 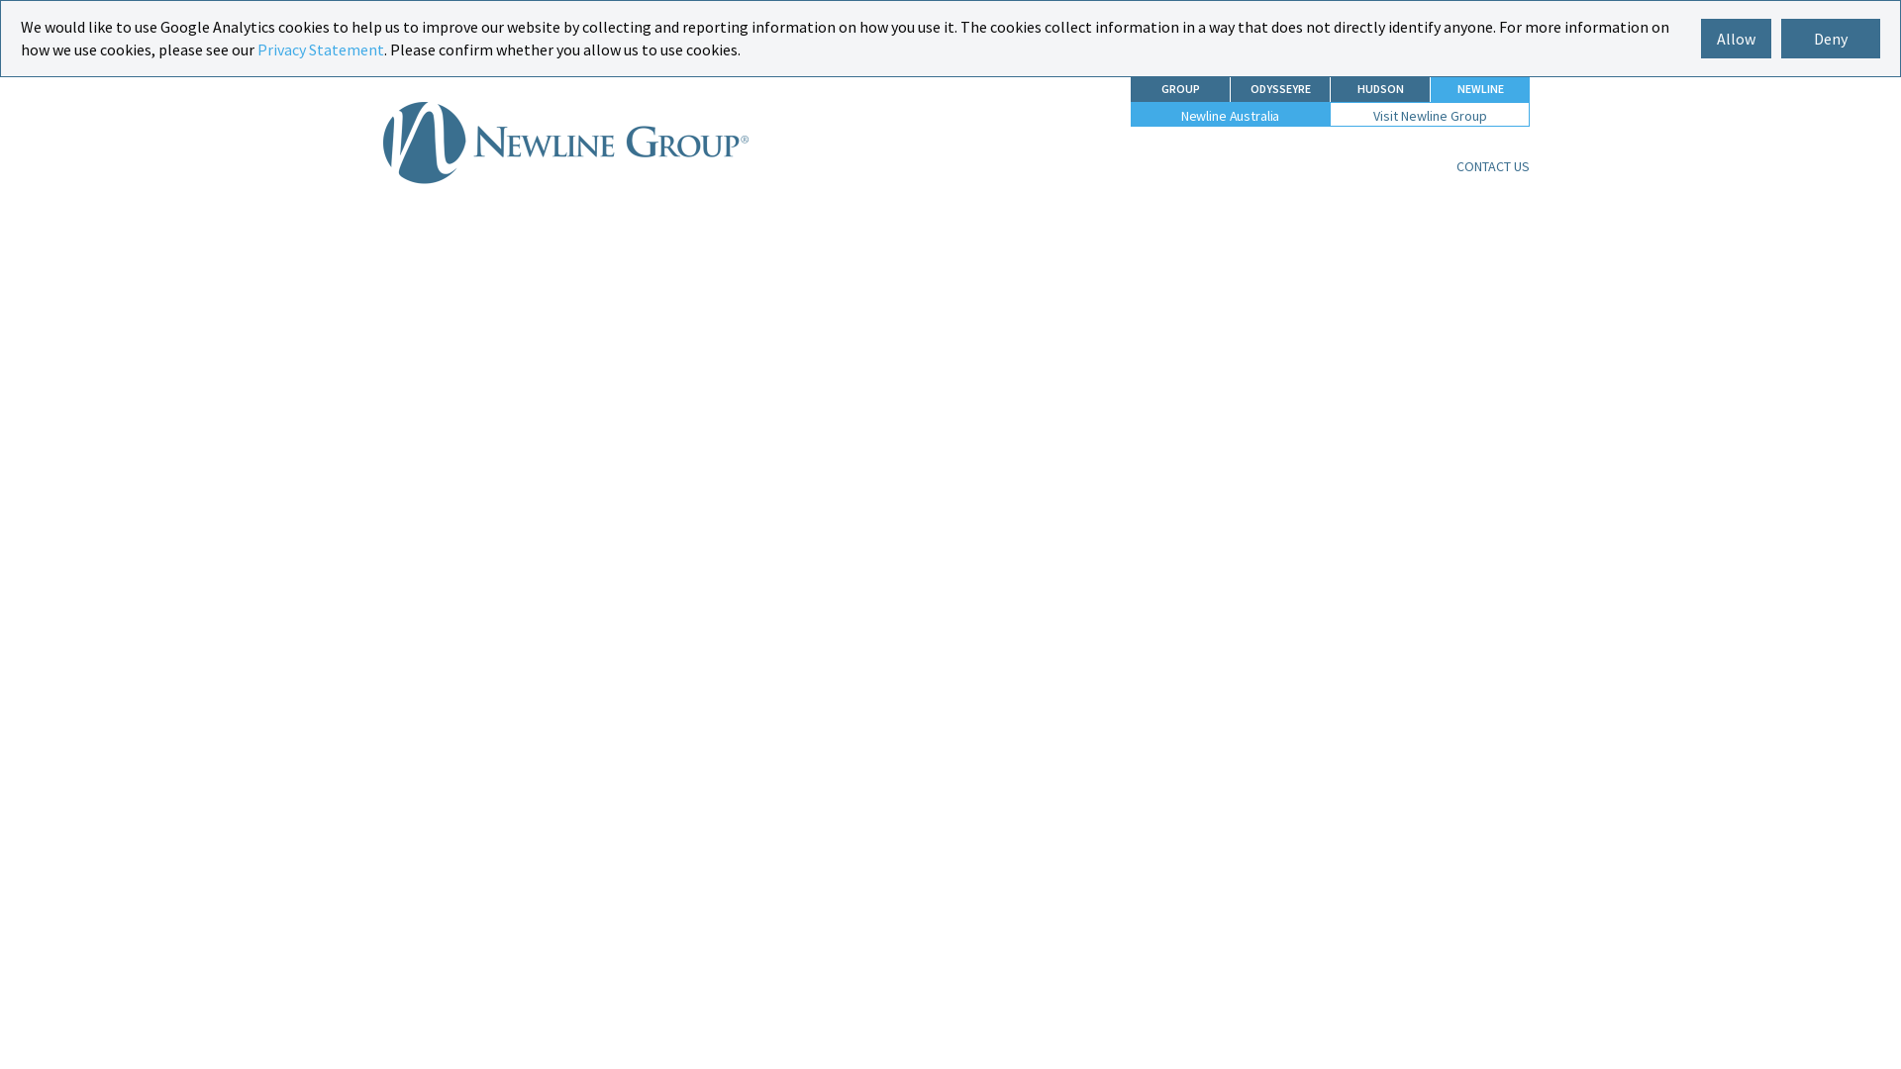 I want to click on 'ODYSSEYRE', so click(x=1279, y=87).